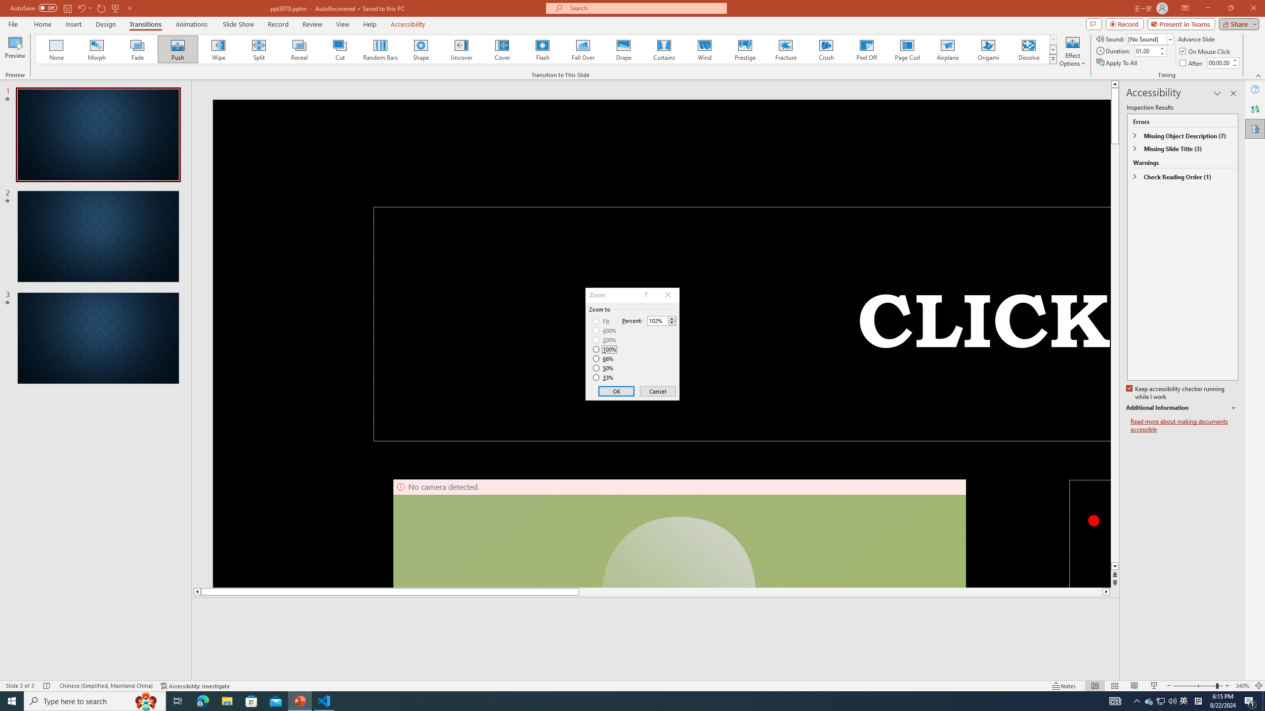 Image resolution: width=1265 pixels, height=711 pixels. What do you see at coordinates (1072, 51) in the screenshot?
I see `'Effect Options'` at bounding box center [1072, 51].